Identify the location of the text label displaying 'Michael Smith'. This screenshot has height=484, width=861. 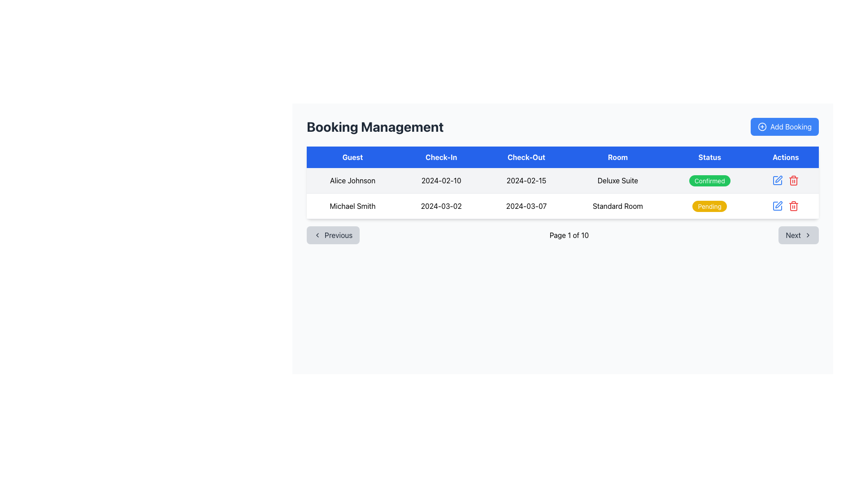
(352, 206).